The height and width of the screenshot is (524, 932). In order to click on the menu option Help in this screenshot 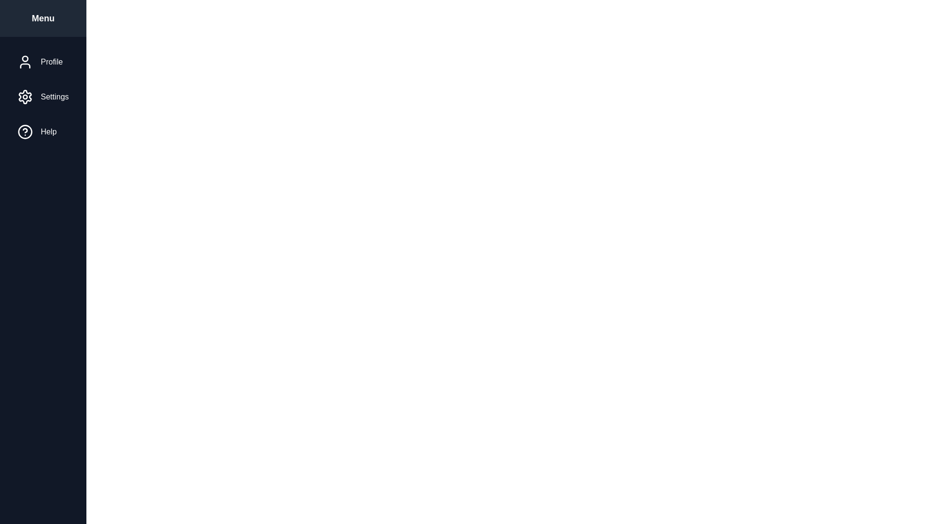, I will do `click(42, 132)`.